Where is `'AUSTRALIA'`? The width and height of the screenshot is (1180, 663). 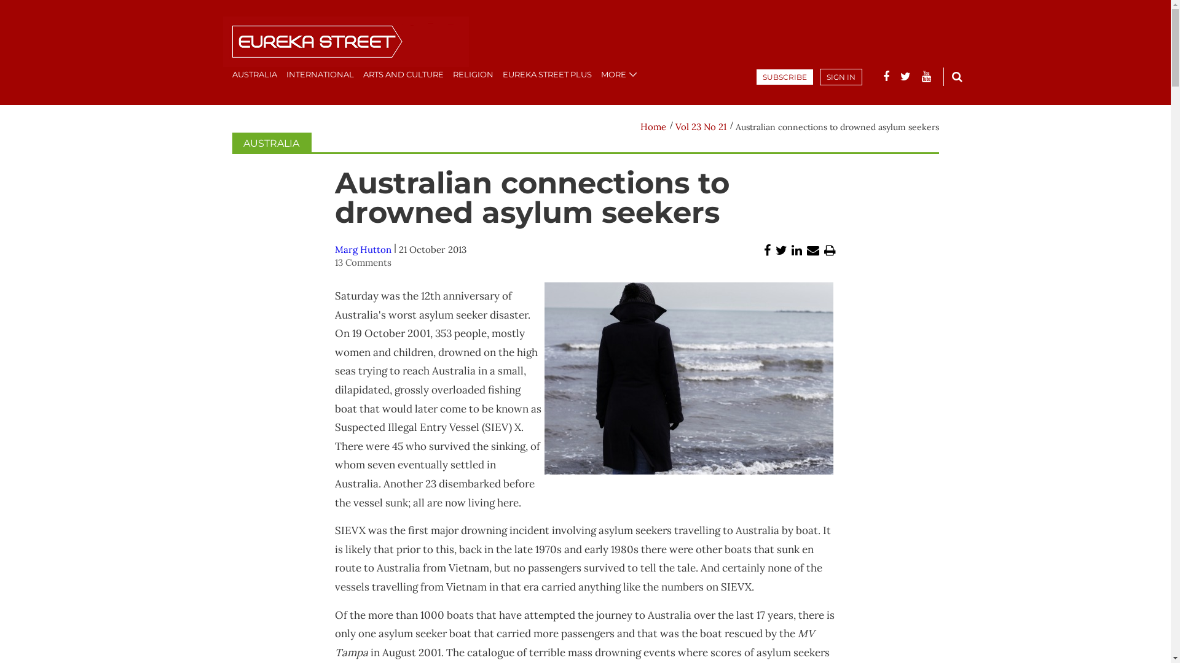 'AUSTRALIA' is located at coordinates (270, 142).